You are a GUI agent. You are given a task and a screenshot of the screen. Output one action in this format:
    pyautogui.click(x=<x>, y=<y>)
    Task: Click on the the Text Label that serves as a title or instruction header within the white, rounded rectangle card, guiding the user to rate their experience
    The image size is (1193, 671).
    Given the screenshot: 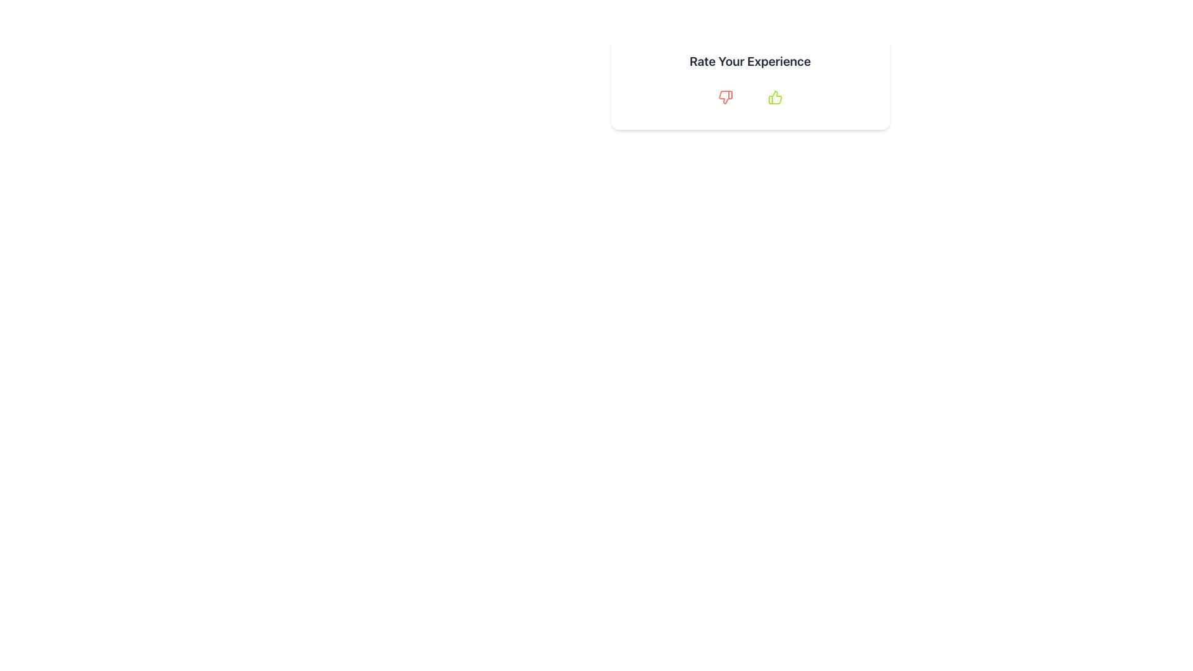 What is the action you would take?
    pyautogui.click(x=749, y=62)
    